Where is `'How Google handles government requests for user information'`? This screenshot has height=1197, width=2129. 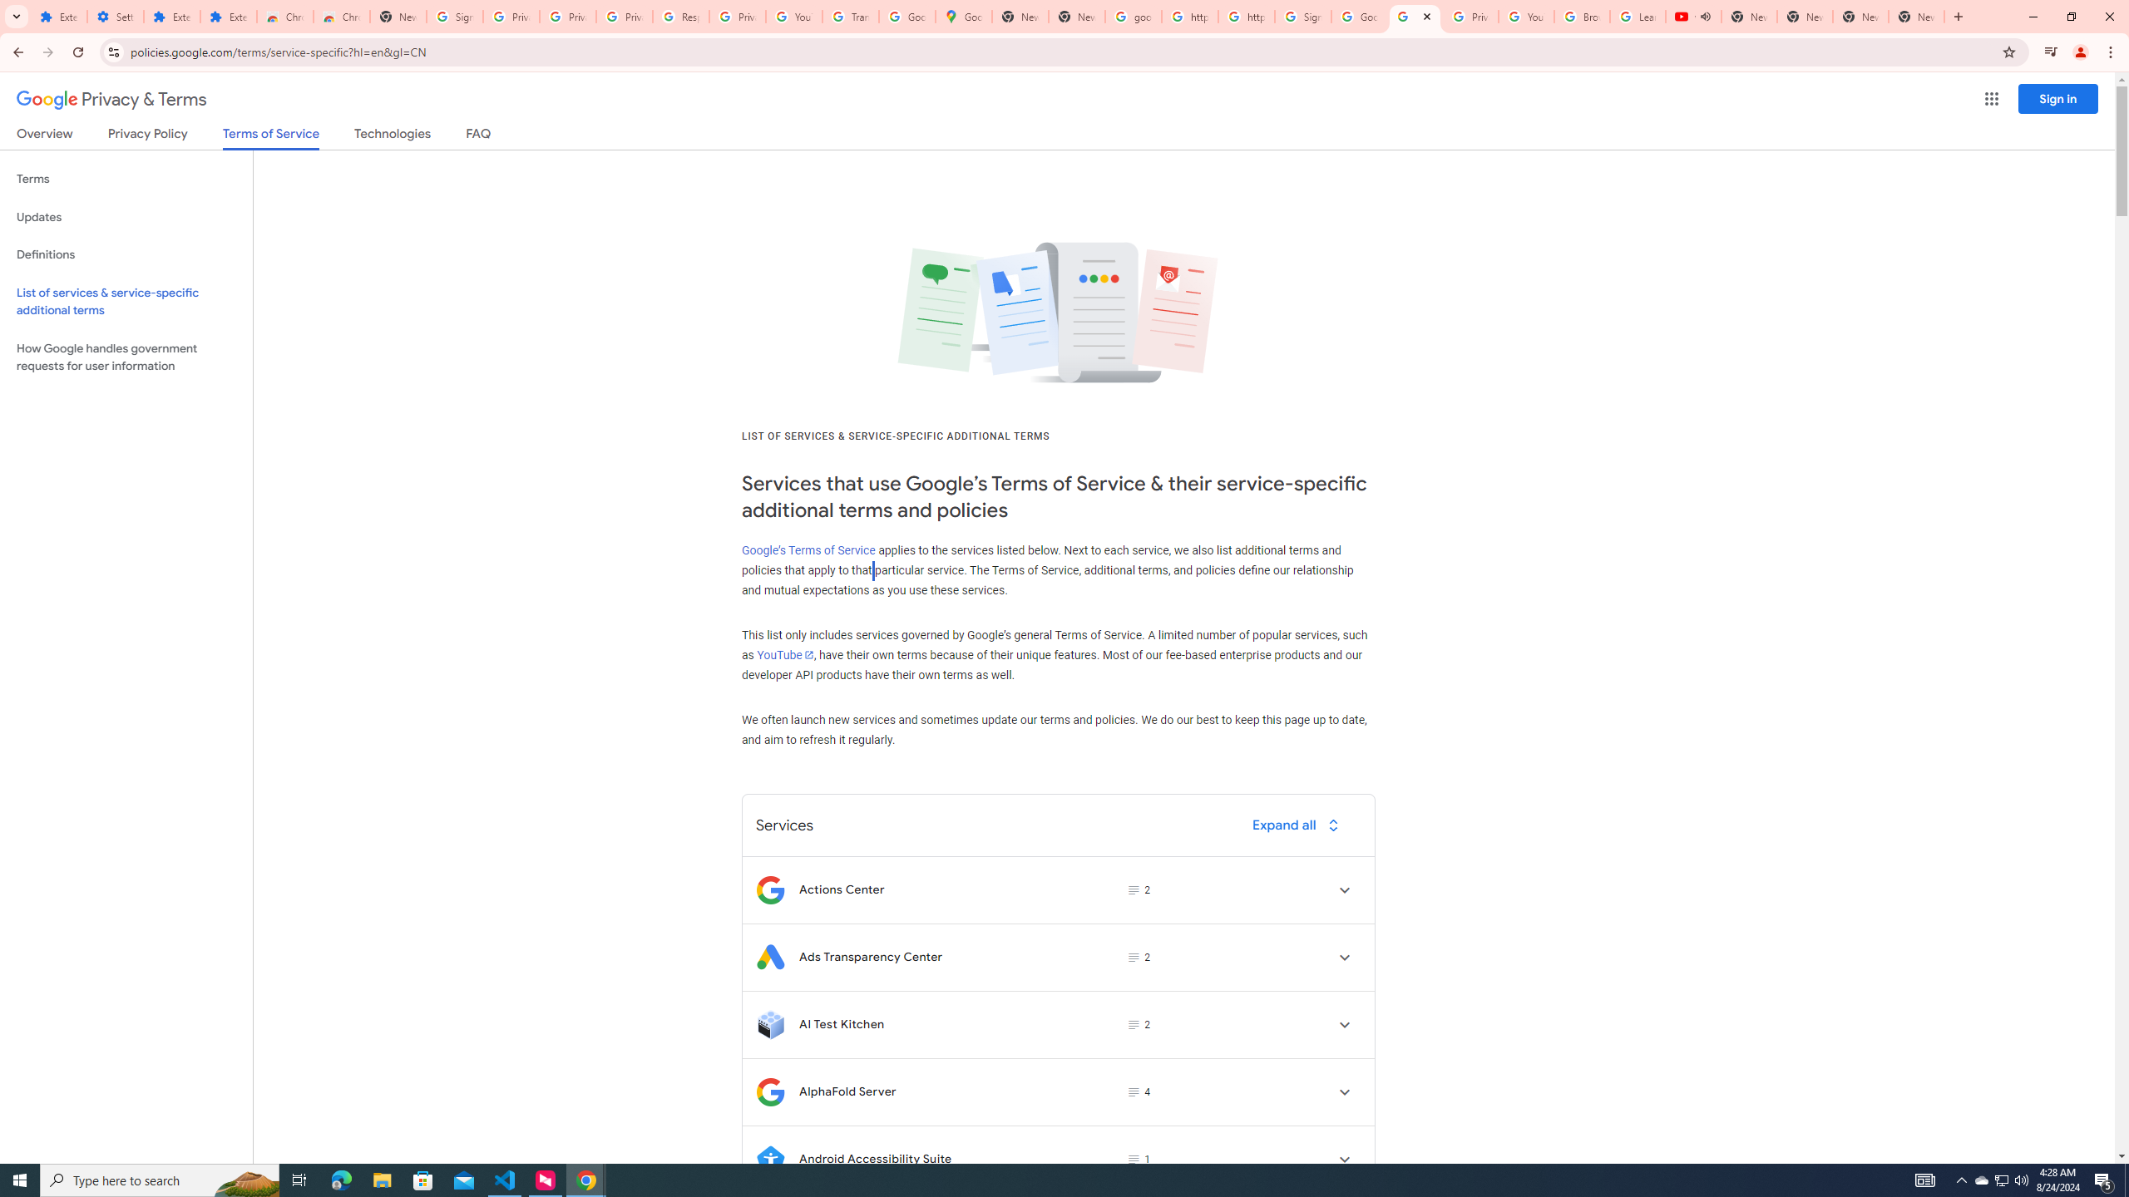 'How Google handles government requests for user information' is located at coordinates (126, 356).